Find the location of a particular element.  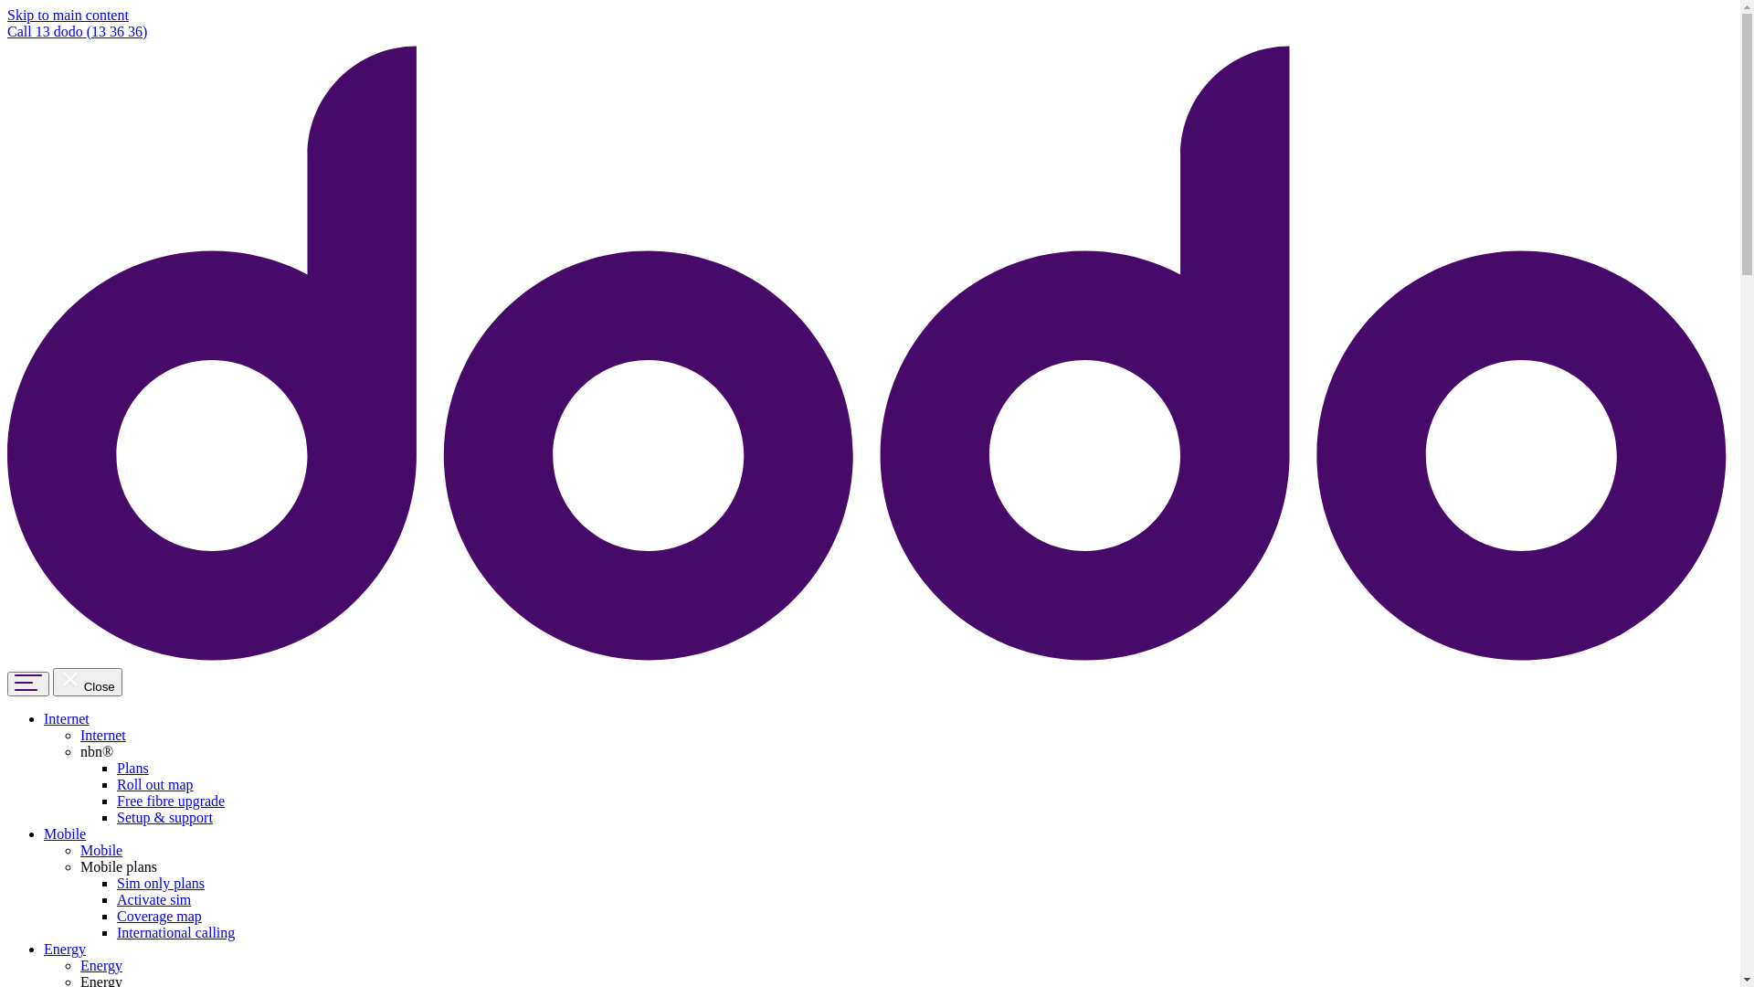

'Skip to main content' is located at coordinates (68, 15).